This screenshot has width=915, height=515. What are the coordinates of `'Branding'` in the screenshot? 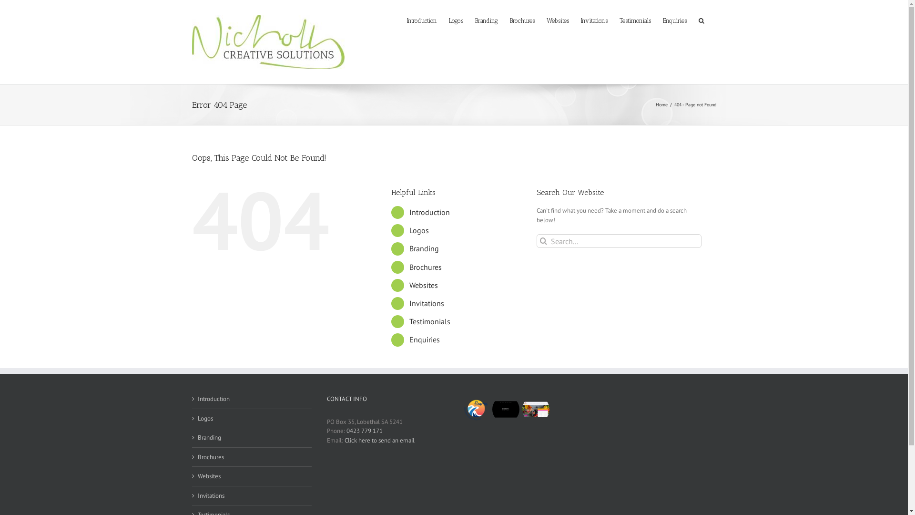 It's located at (486, 20).